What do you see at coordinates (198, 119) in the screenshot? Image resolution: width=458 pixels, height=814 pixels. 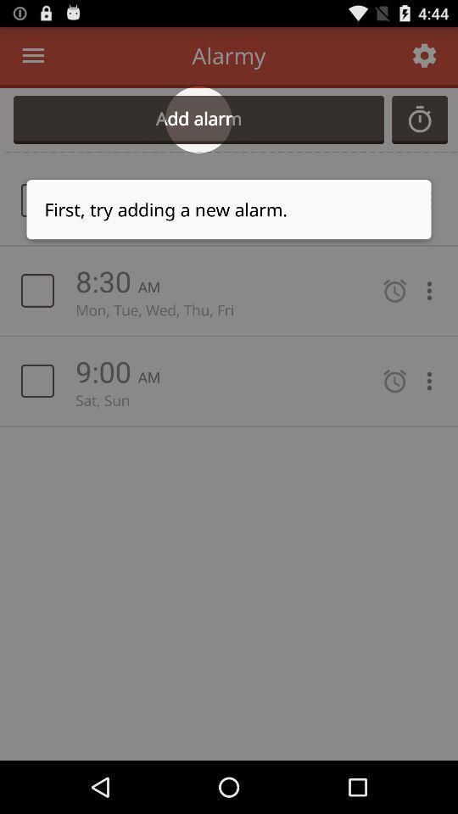 I see `add alarm icon` at bounding box center [198, 119].